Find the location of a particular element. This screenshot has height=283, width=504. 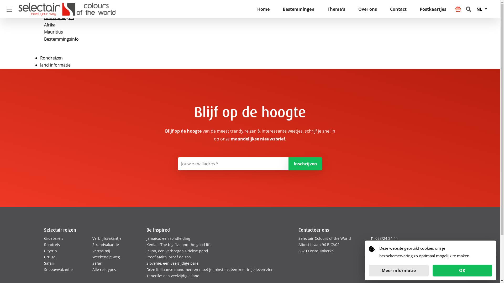

'Contact' is located at coordinates (398, 9).